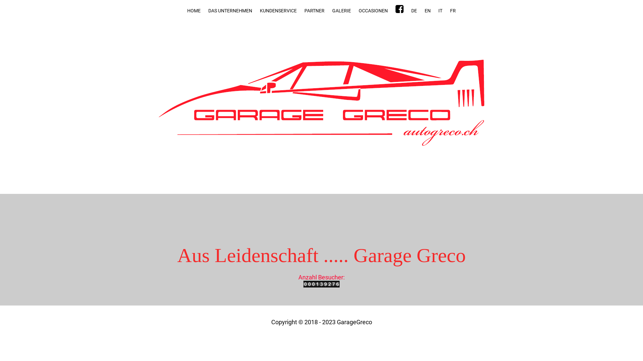 This screenshot has height=361, width=643. What do you see at coordinates (278, 10) in the screenshot?
I see `'KUNDENSERVICE'` at bounding box center [278, 10].